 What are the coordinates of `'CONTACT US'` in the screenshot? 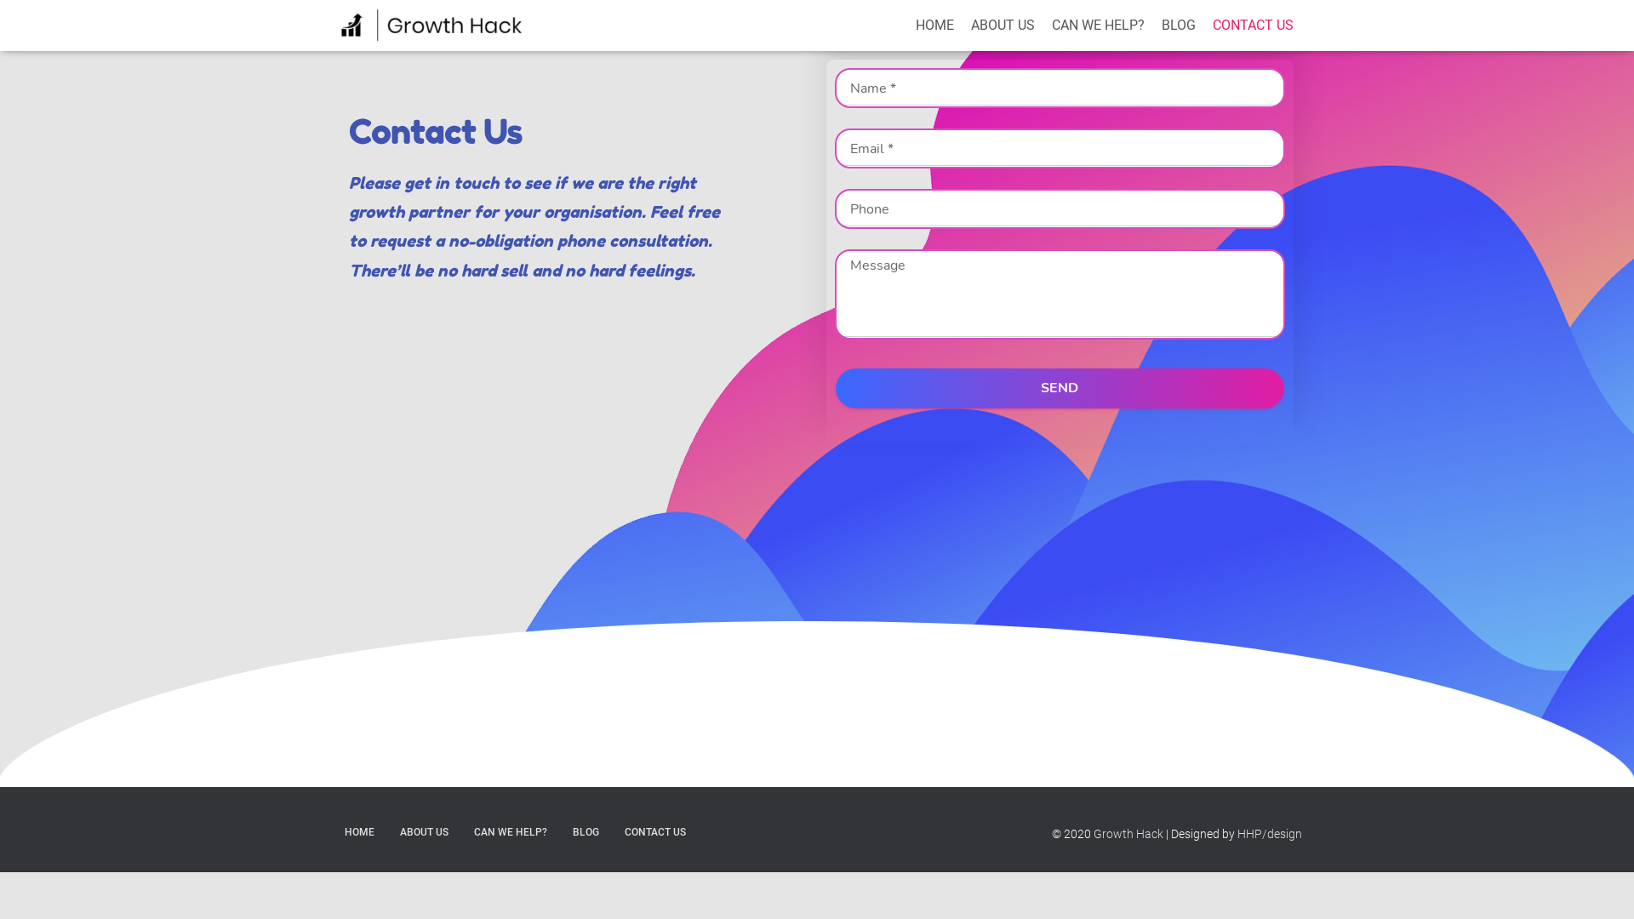 It's located at (1253, 26).